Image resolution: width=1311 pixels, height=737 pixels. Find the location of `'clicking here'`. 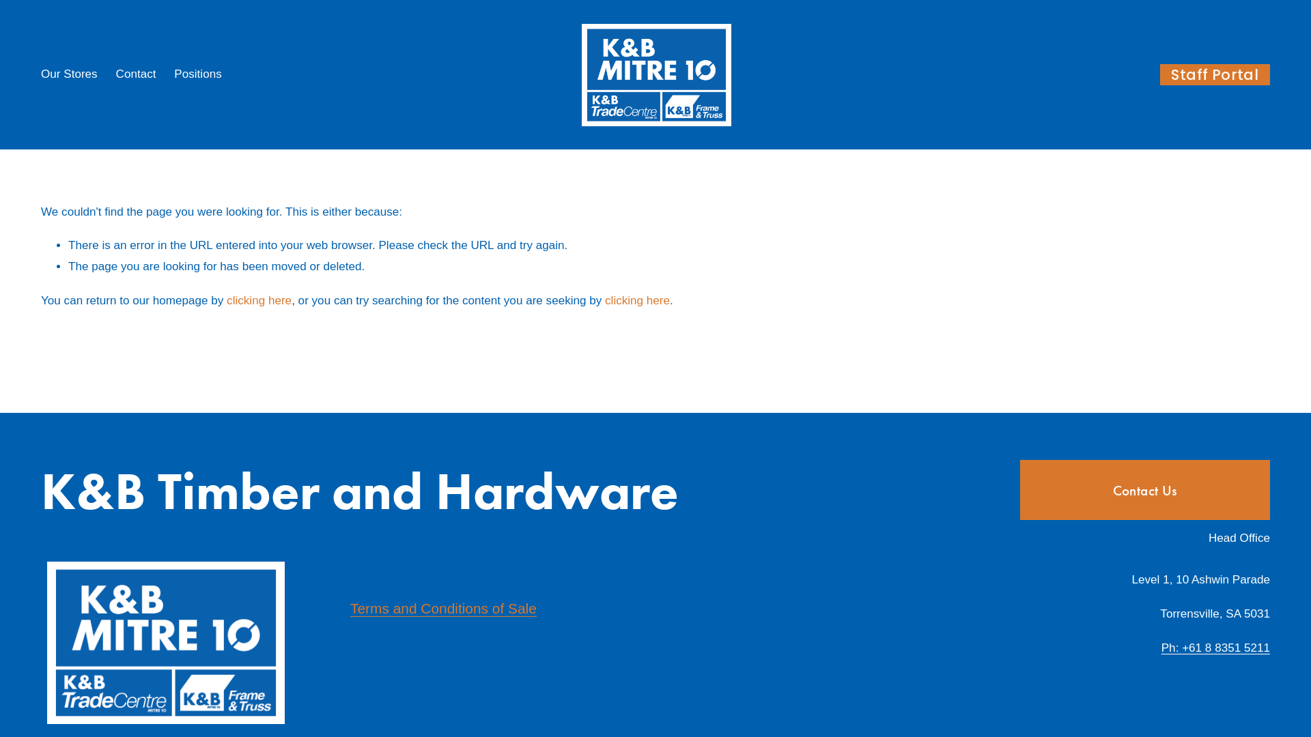

'clicking here' is located at coordinates (259, 300).